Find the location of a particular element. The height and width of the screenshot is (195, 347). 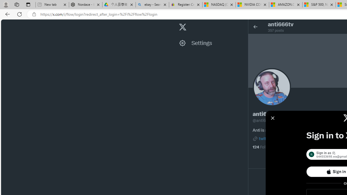

'Personal Profile' is located at coordinates (6, 4).